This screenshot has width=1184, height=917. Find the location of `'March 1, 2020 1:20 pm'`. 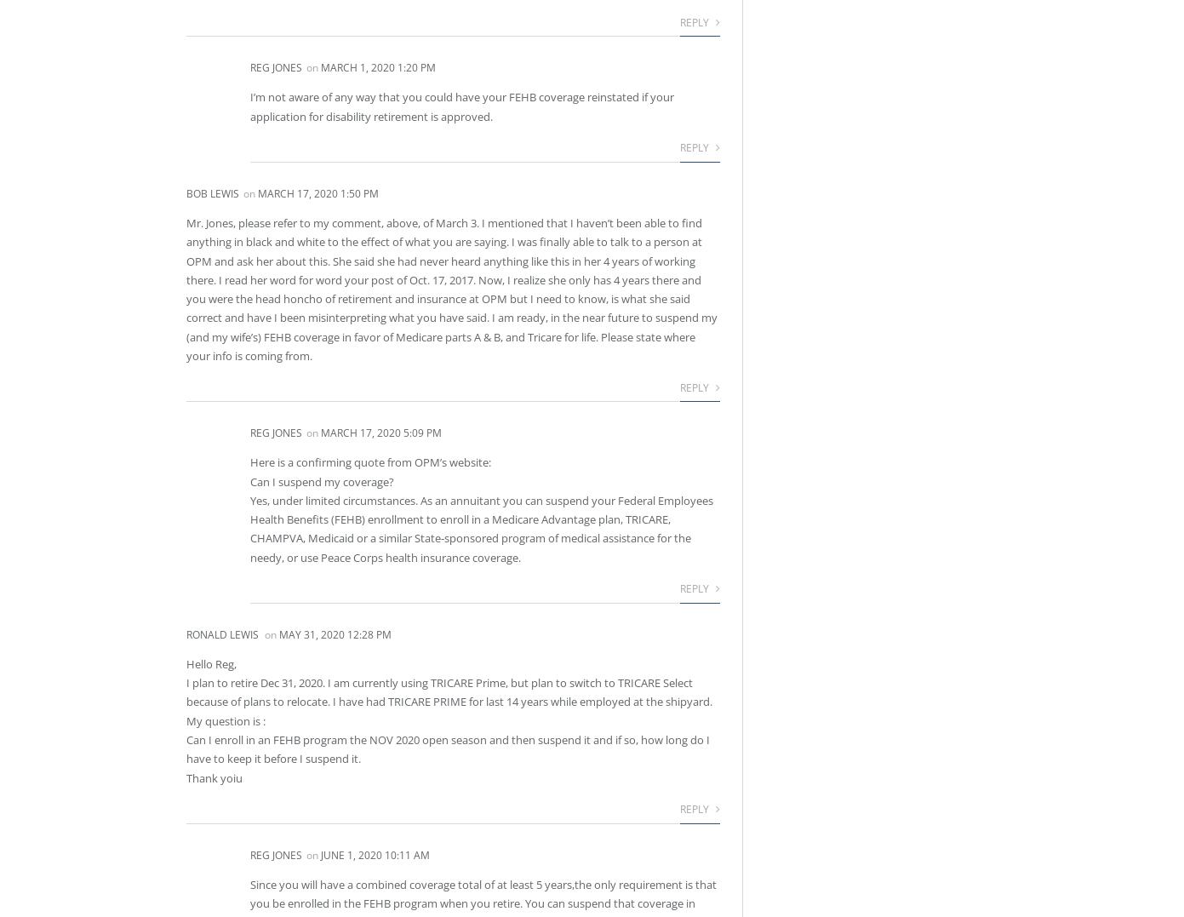

'March 1, 2020 1:20 pm' is located at coordinates (377, 67).